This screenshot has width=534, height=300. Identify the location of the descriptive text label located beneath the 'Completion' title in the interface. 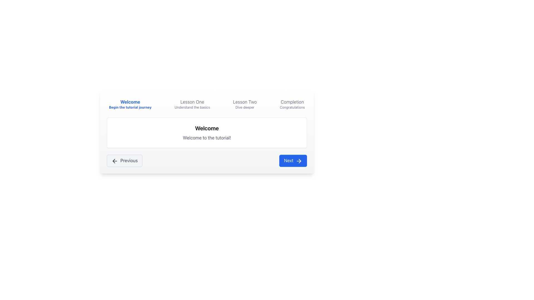
(292, 107).